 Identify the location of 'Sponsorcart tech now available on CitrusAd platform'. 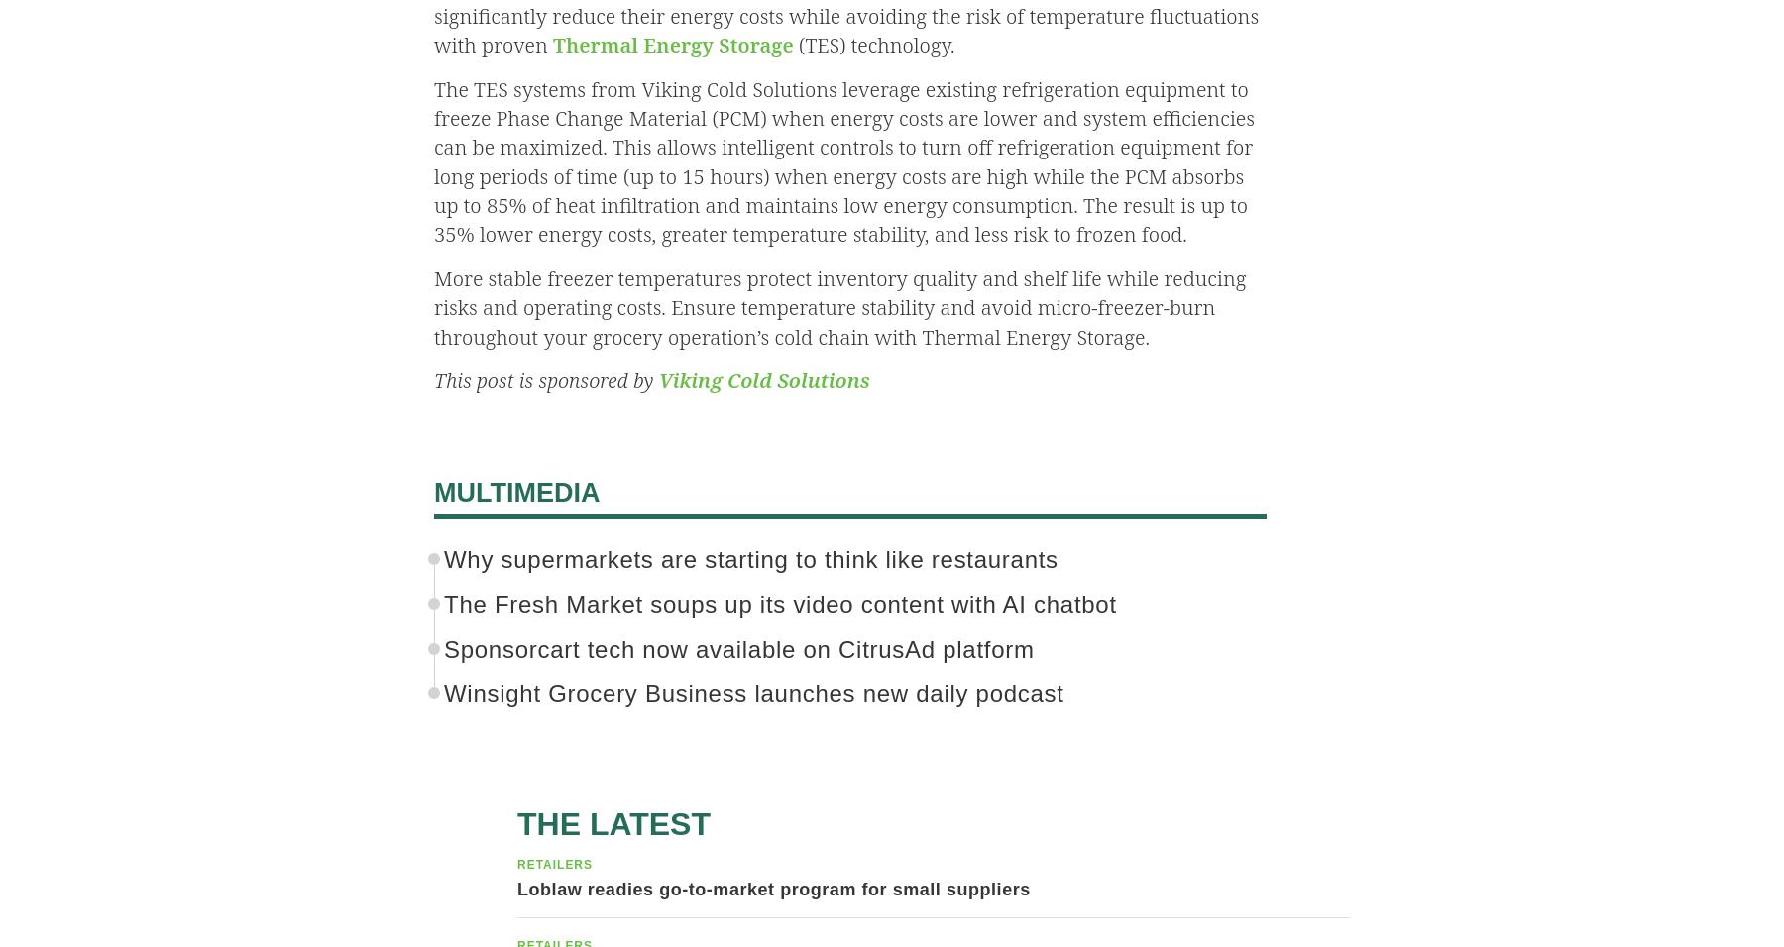
(737, 649).